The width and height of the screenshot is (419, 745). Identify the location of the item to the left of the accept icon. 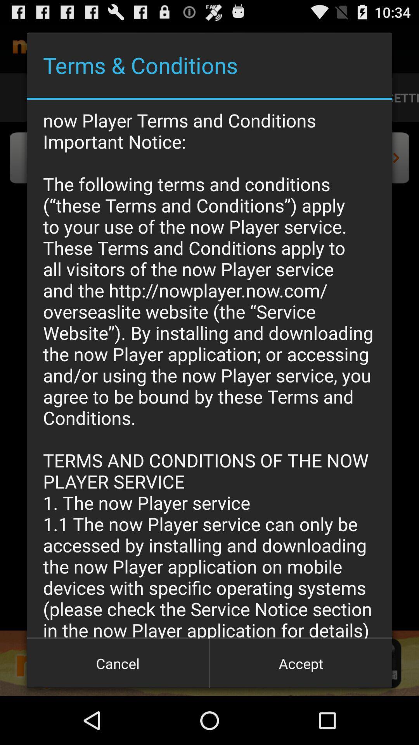
(118, 663).